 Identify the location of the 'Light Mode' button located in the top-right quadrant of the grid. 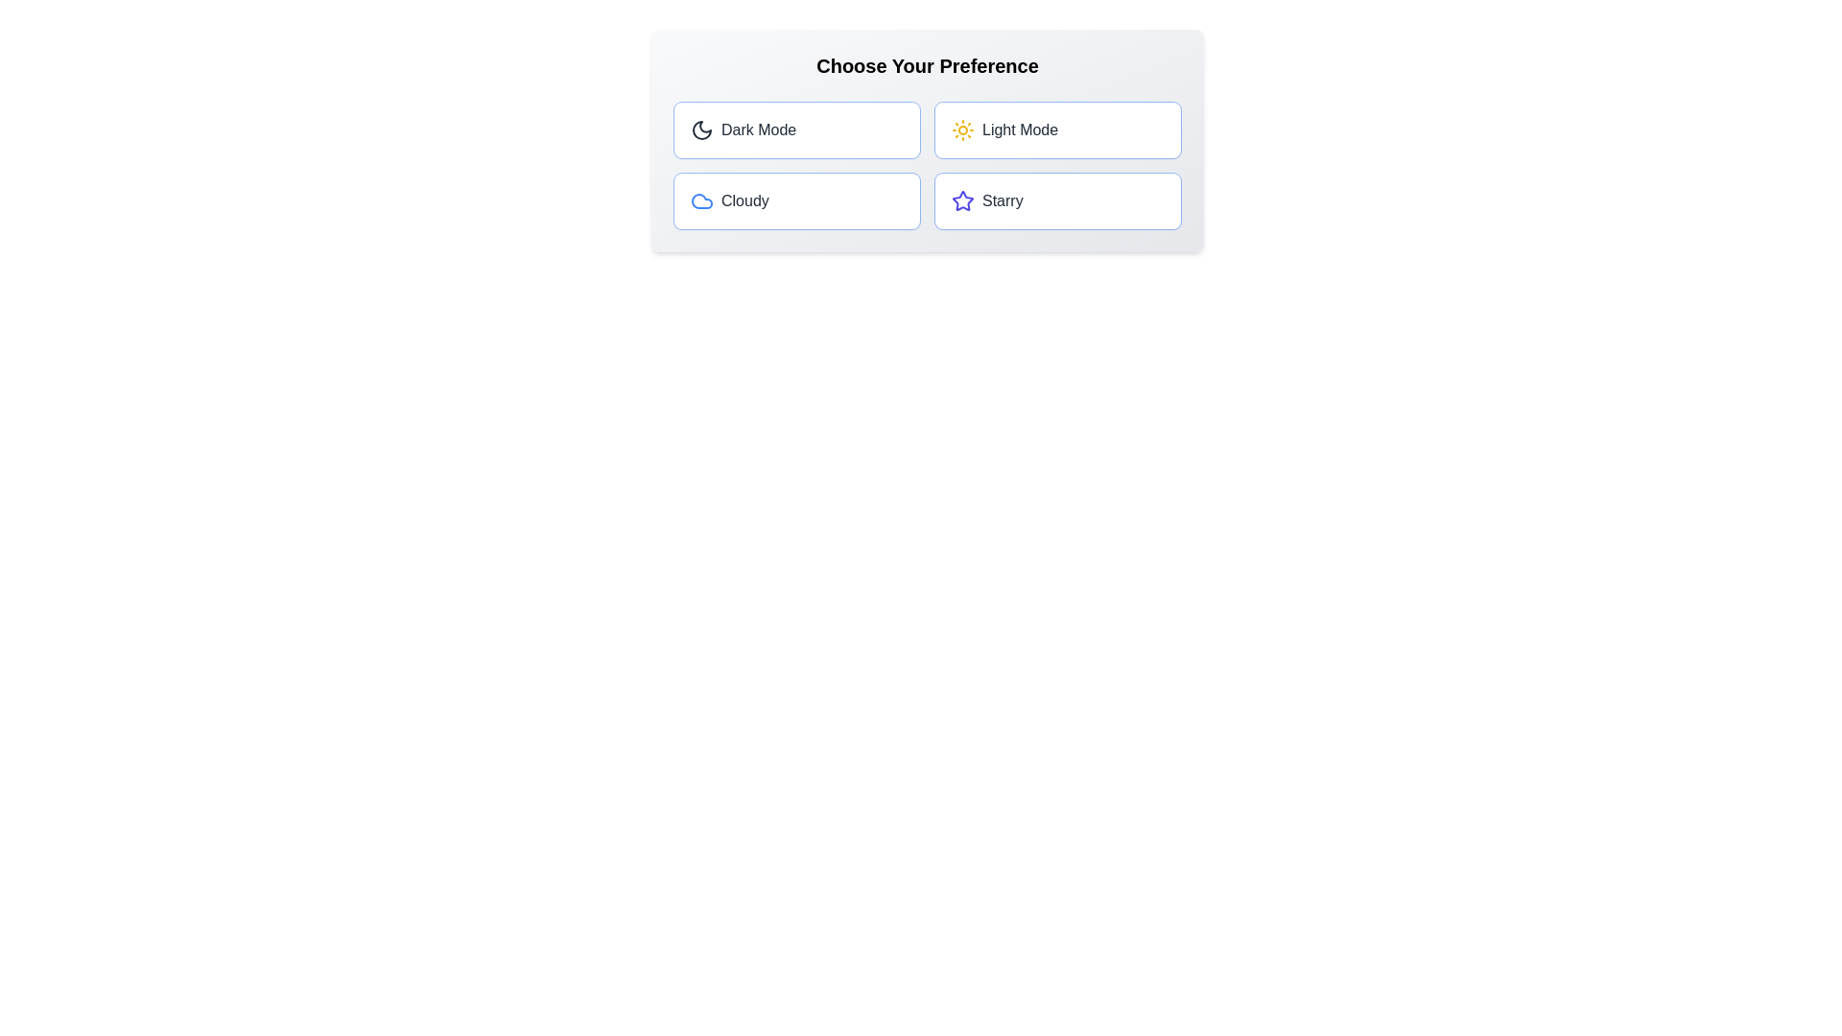
(1057, 129).